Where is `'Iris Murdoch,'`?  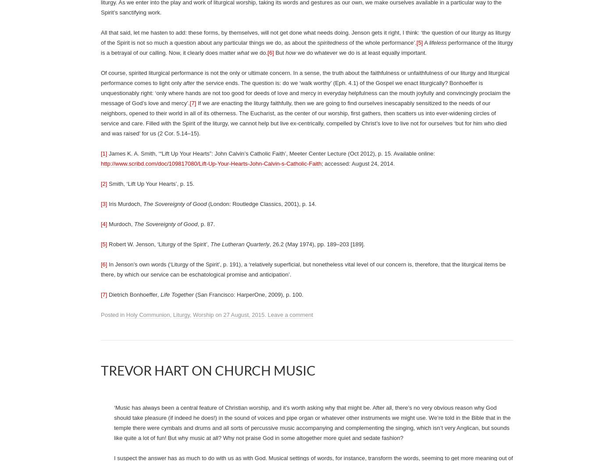
'Iris Murdoch,' is located at coordinates (125, 204).